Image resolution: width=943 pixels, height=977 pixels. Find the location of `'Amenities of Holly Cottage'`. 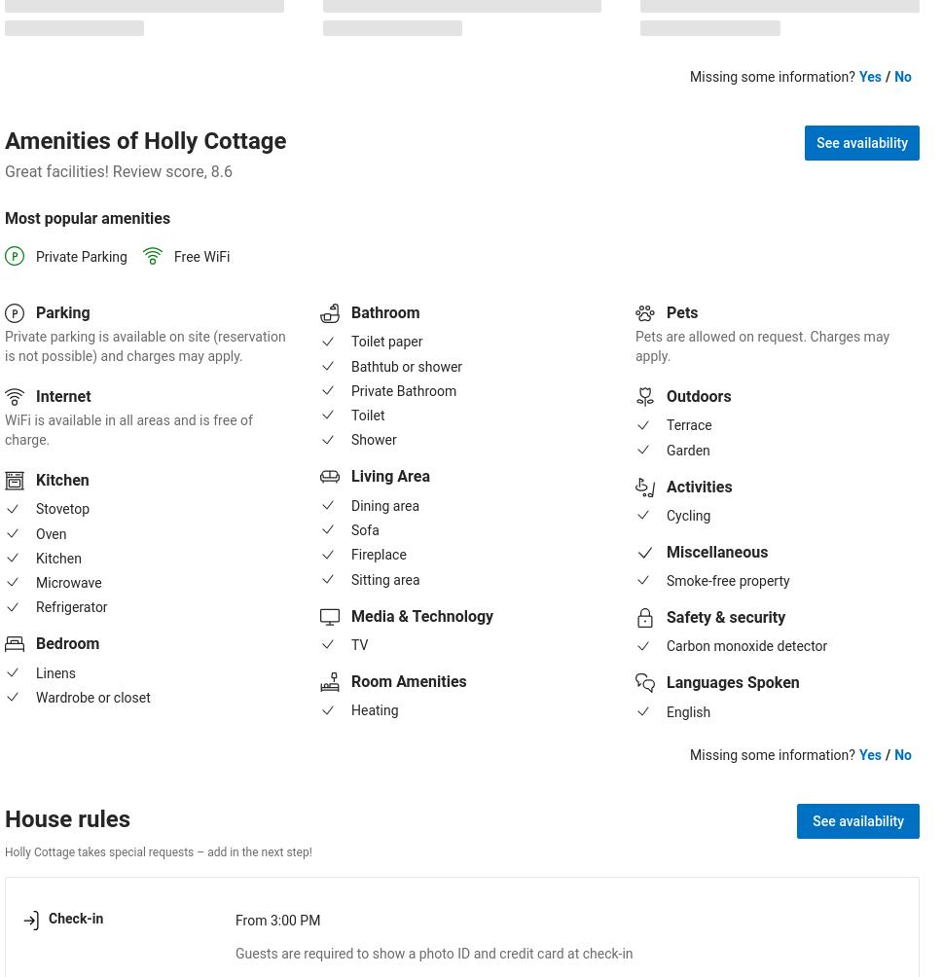

'Amenities of Holly Cottage' is located at coordinates (144, 138).